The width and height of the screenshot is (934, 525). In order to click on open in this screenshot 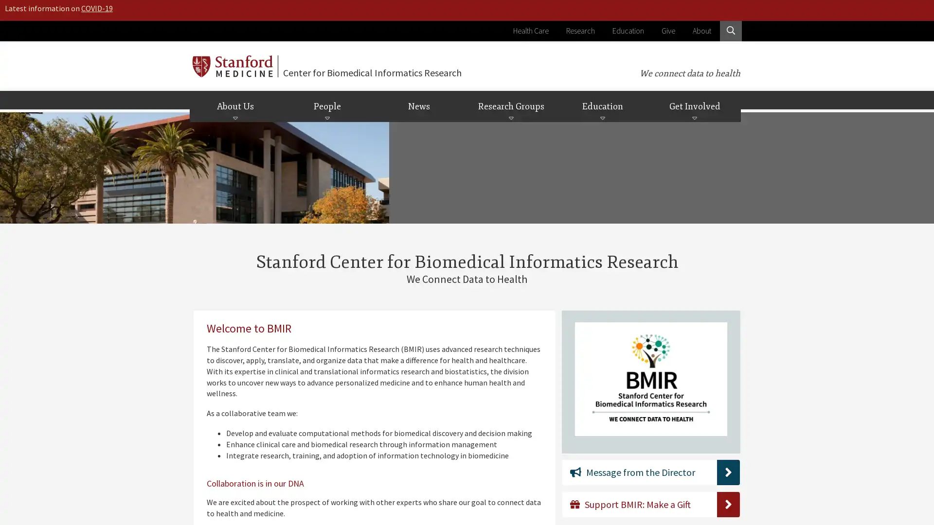, I will do `click(235, 118)`.